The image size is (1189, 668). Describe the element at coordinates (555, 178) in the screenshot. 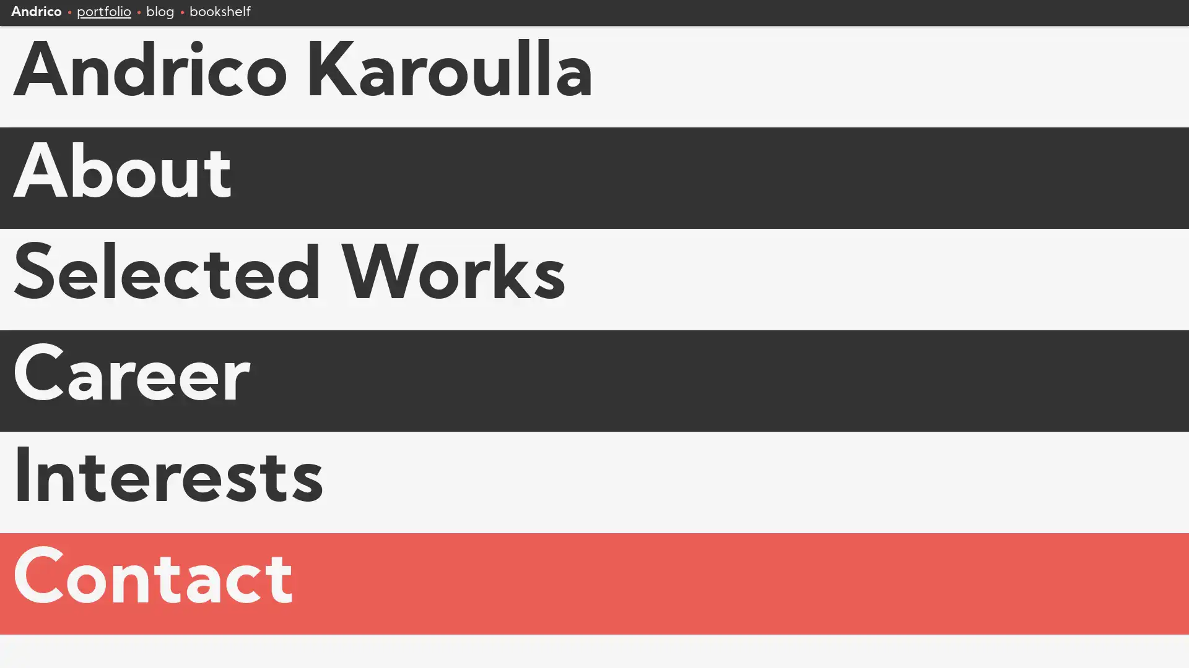

I see `About` at that location.